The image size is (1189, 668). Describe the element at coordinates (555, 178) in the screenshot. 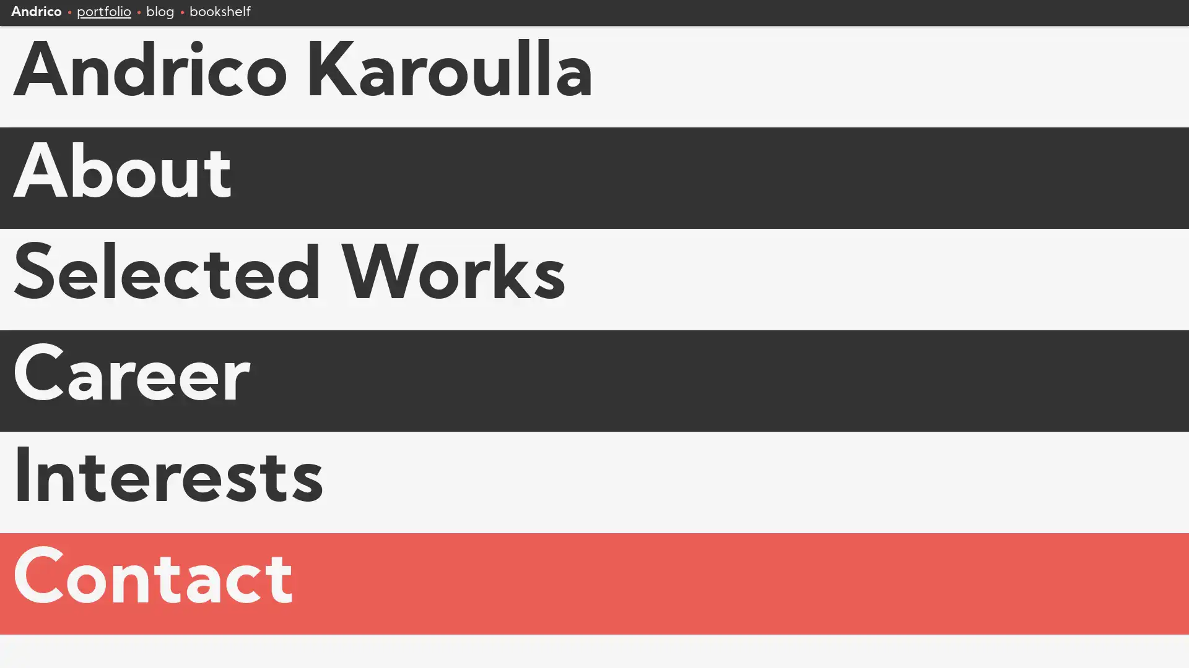

I see `About` at that location.